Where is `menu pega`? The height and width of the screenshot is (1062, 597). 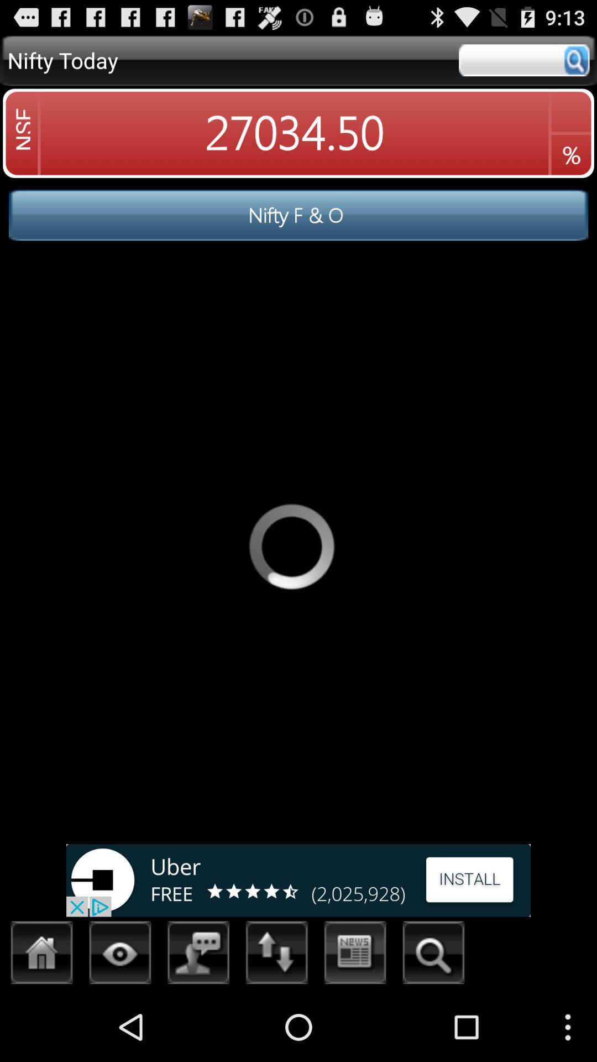 menu pega is located at coordinates (276, 955).